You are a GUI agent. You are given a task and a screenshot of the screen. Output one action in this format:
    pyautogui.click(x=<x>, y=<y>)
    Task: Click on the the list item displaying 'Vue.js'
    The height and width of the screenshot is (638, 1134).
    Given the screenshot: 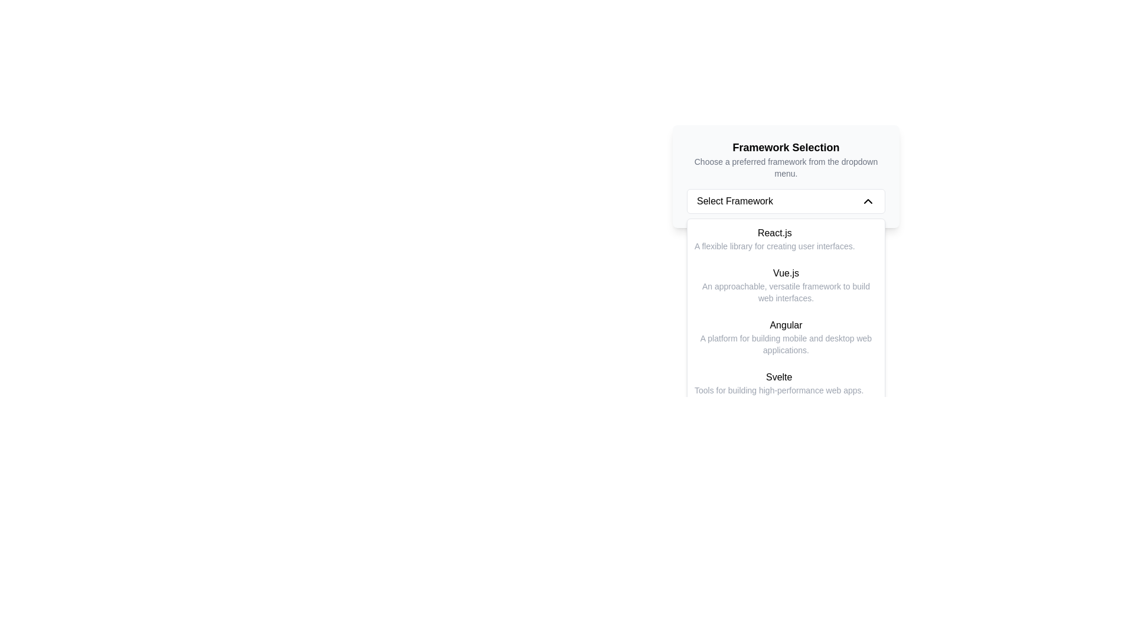 What is the action you would take?
    pyautogui.click(x=786, y=285)
    